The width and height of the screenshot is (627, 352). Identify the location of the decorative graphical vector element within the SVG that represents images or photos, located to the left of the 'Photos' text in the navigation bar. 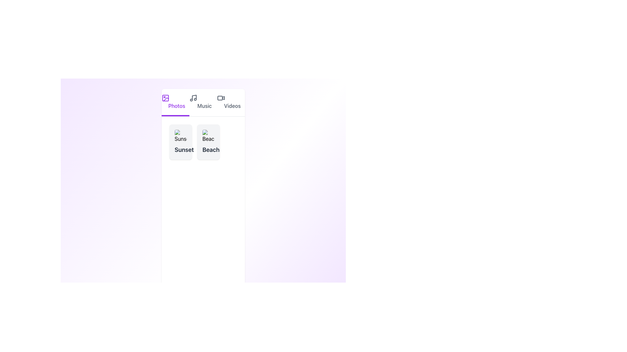
(165, 98).